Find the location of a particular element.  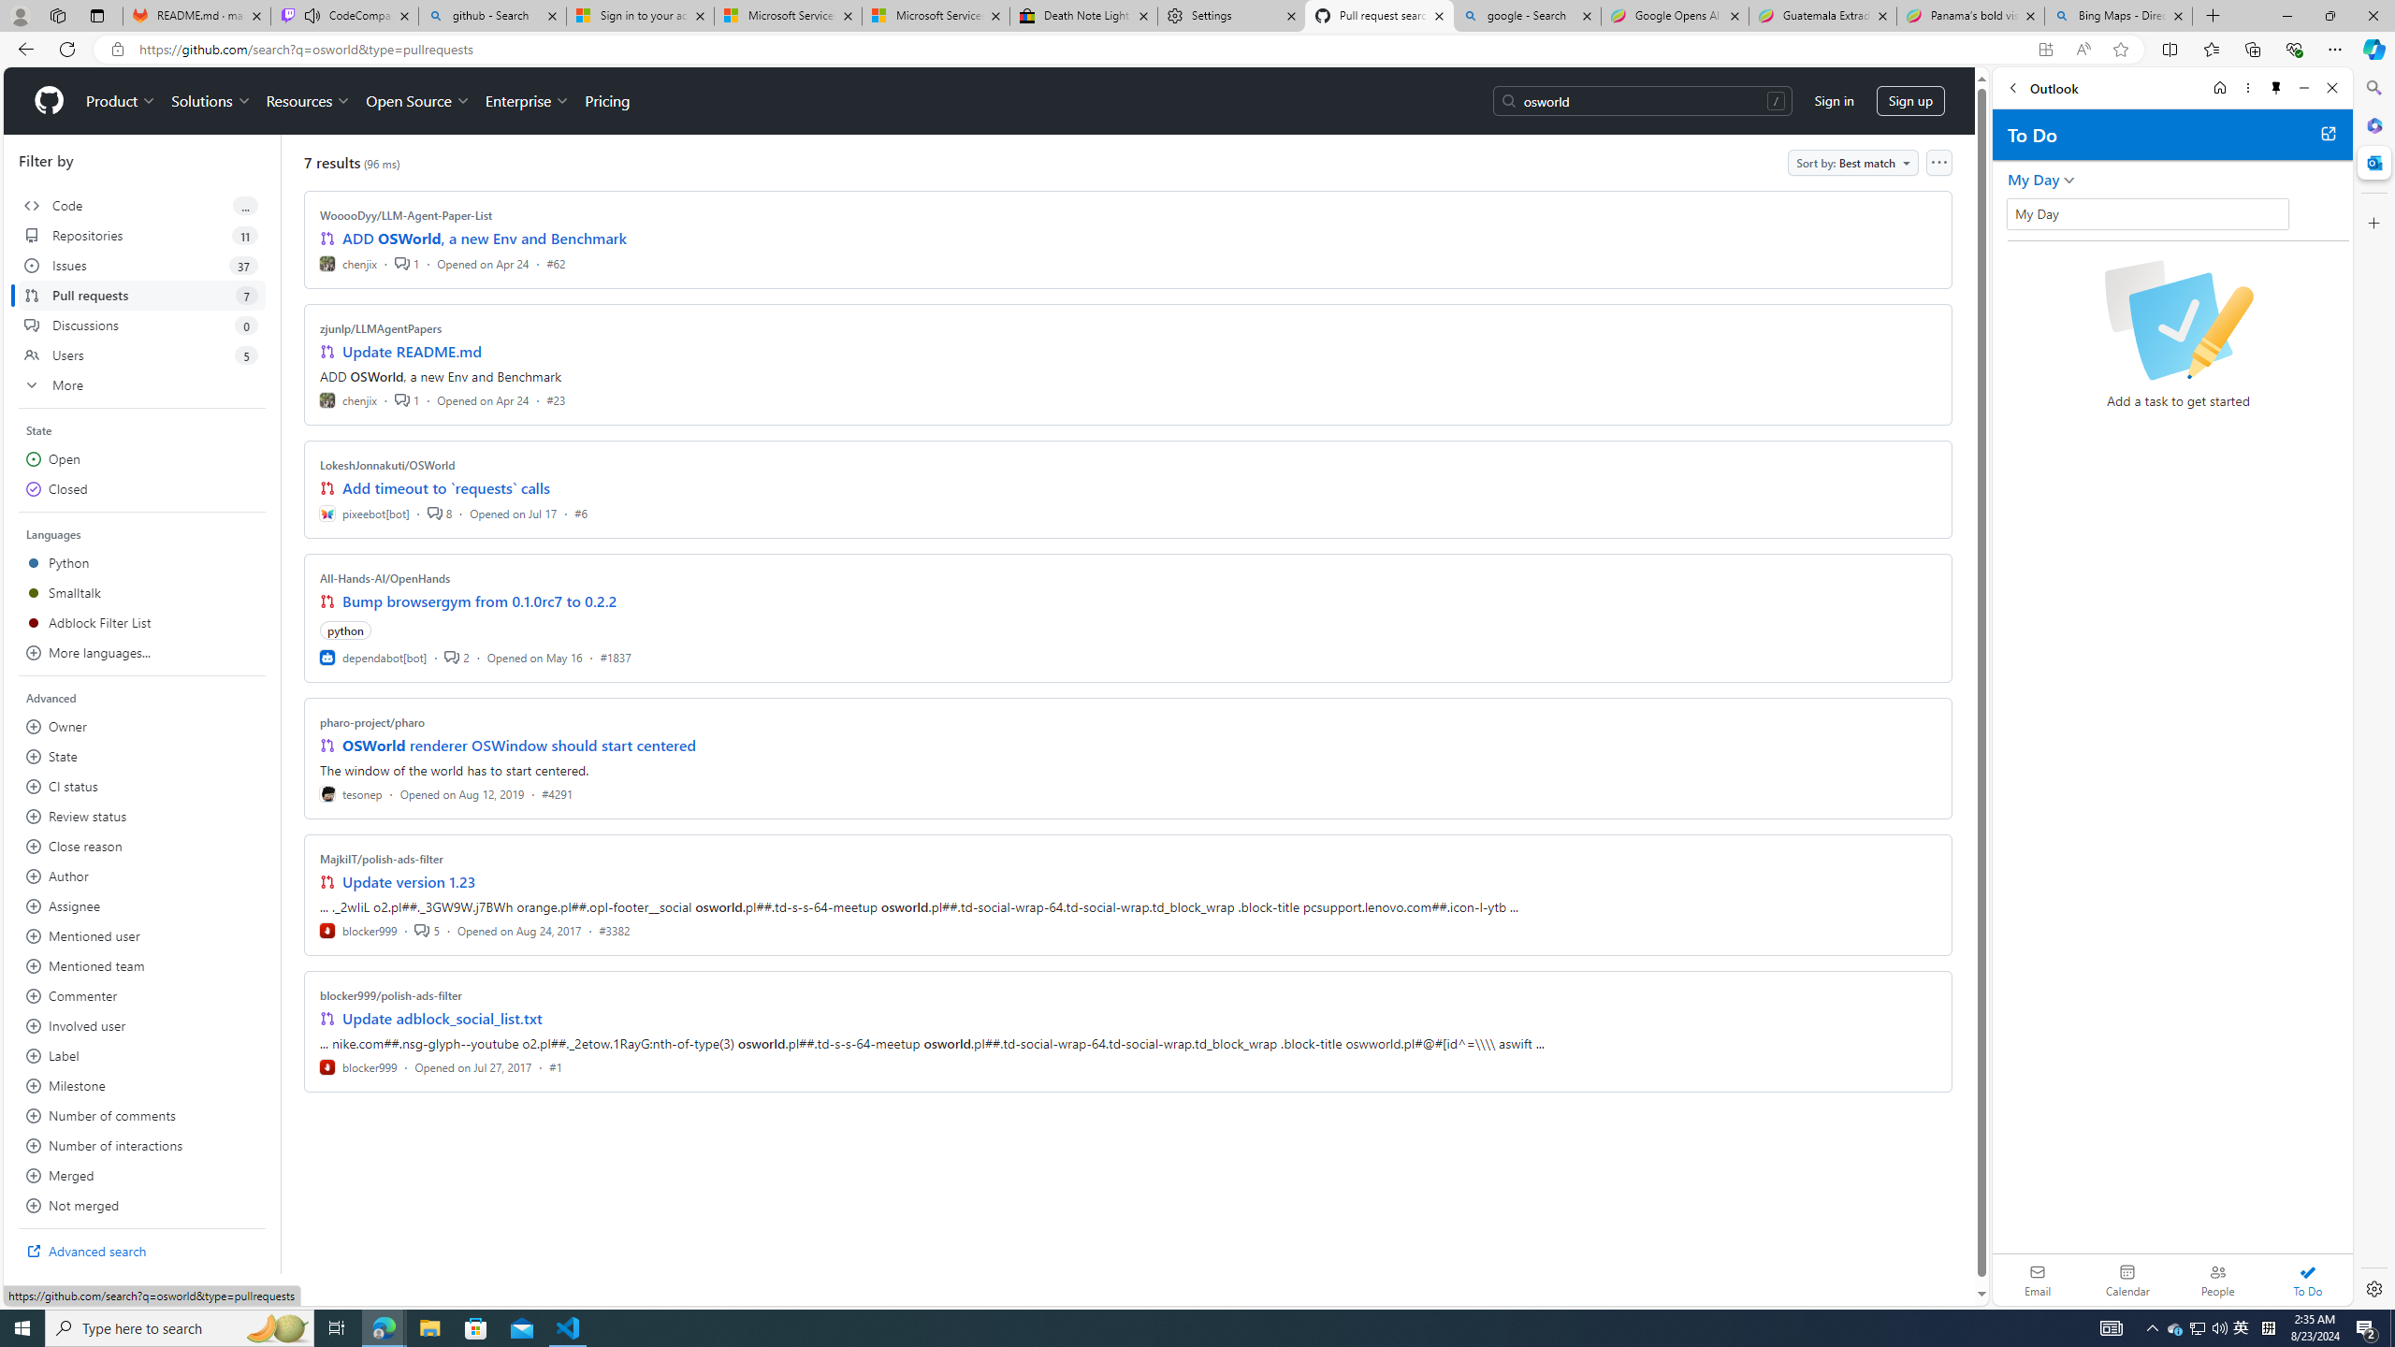

'Email' is located at coordinates (2037, 1279).